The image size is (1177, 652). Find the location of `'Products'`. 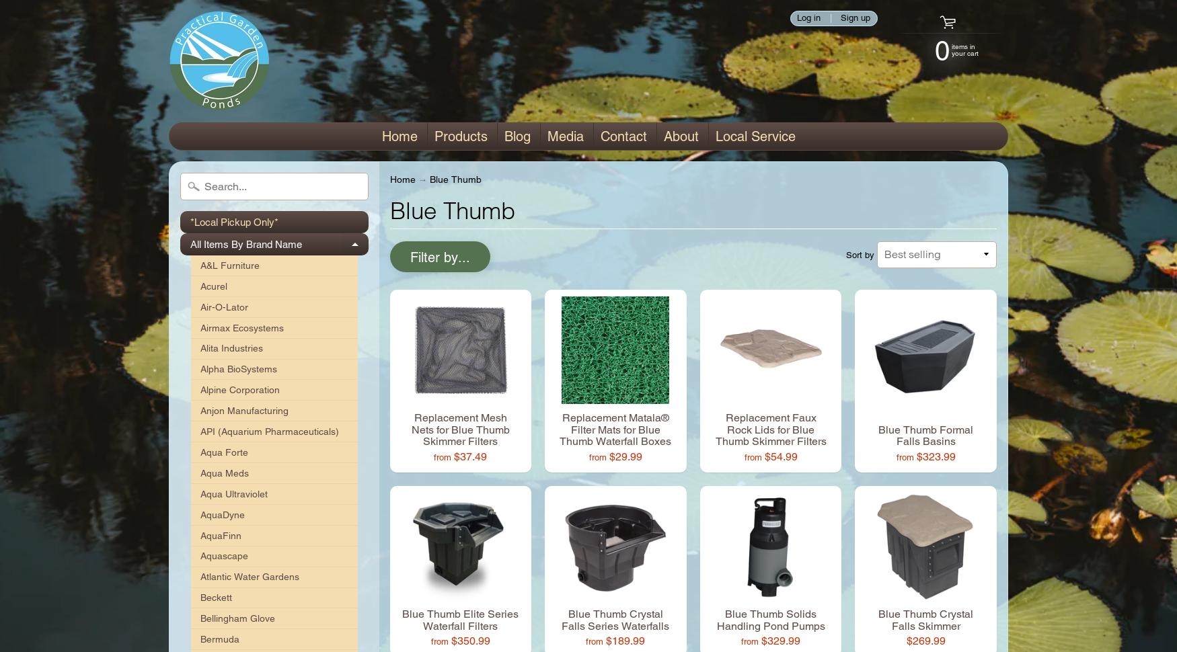

'Products' is located at coordinates (459, 136).